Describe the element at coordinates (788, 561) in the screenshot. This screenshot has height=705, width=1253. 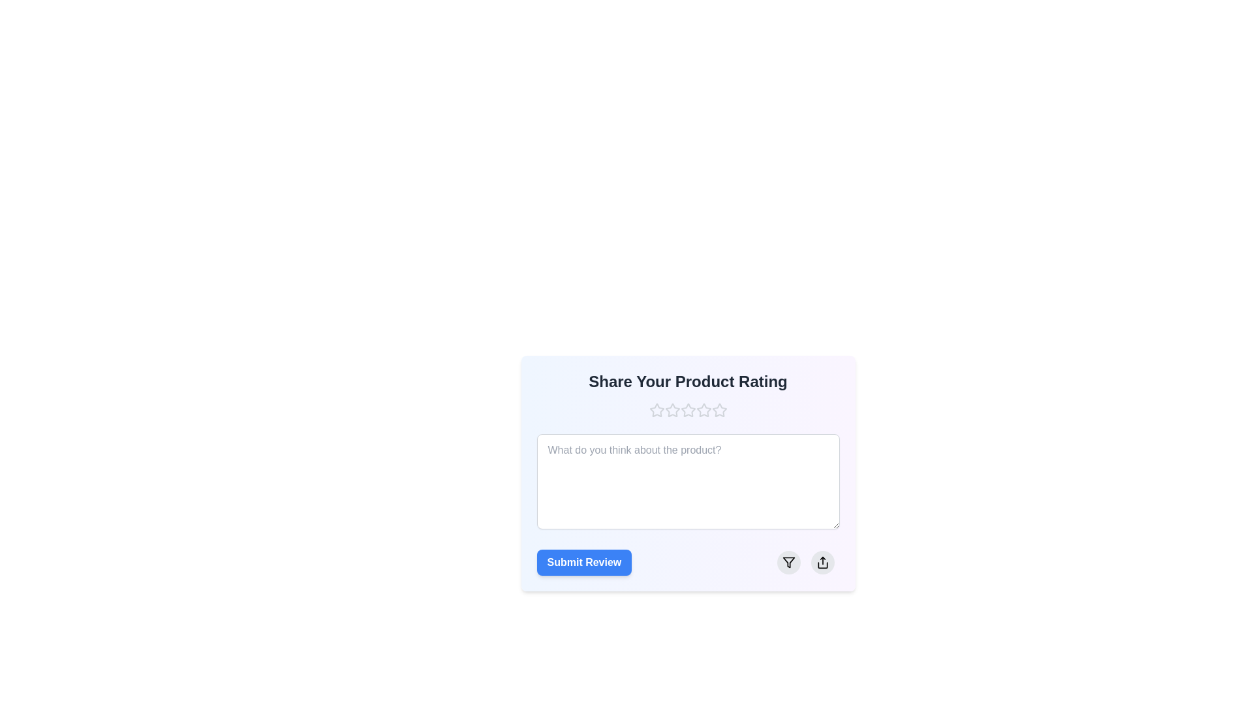
I see `the triangular-shaped funnel icon, which is part of an SVG graphic located at the bottom right corner of the interface` at that location.